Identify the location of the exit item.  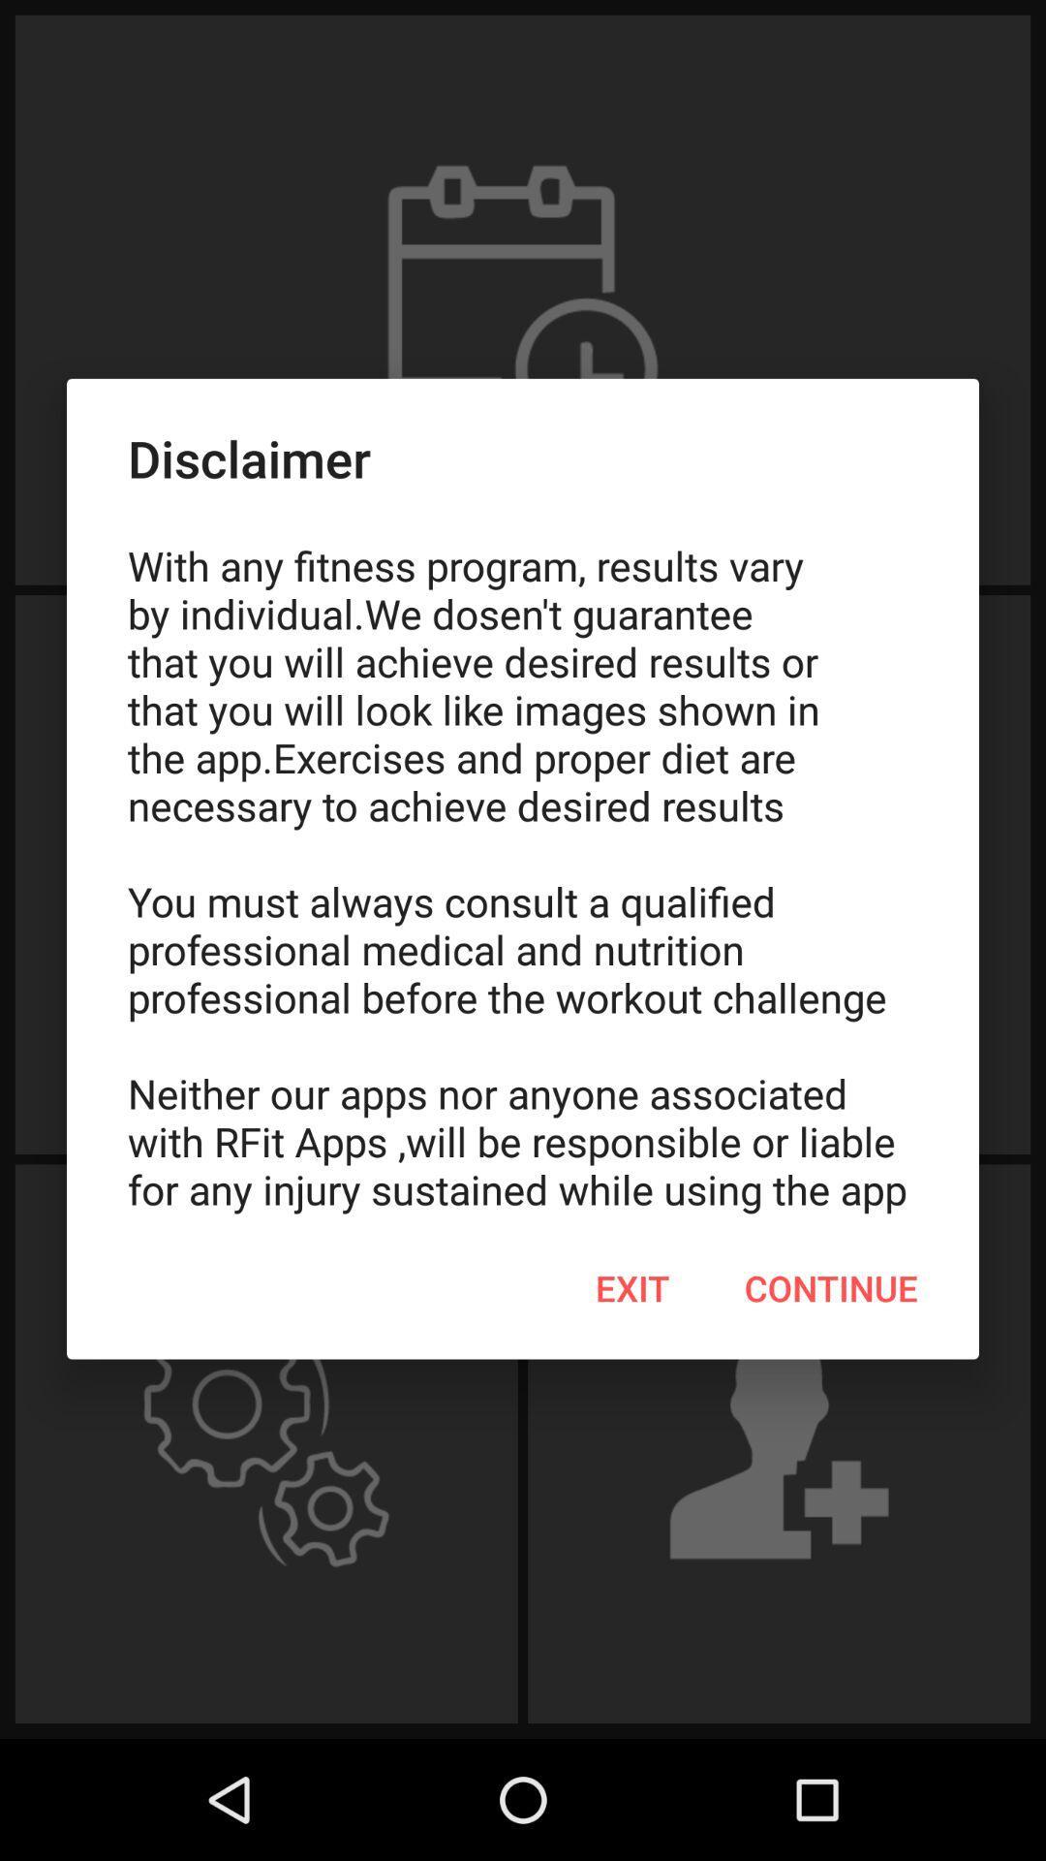
(632, 1288).